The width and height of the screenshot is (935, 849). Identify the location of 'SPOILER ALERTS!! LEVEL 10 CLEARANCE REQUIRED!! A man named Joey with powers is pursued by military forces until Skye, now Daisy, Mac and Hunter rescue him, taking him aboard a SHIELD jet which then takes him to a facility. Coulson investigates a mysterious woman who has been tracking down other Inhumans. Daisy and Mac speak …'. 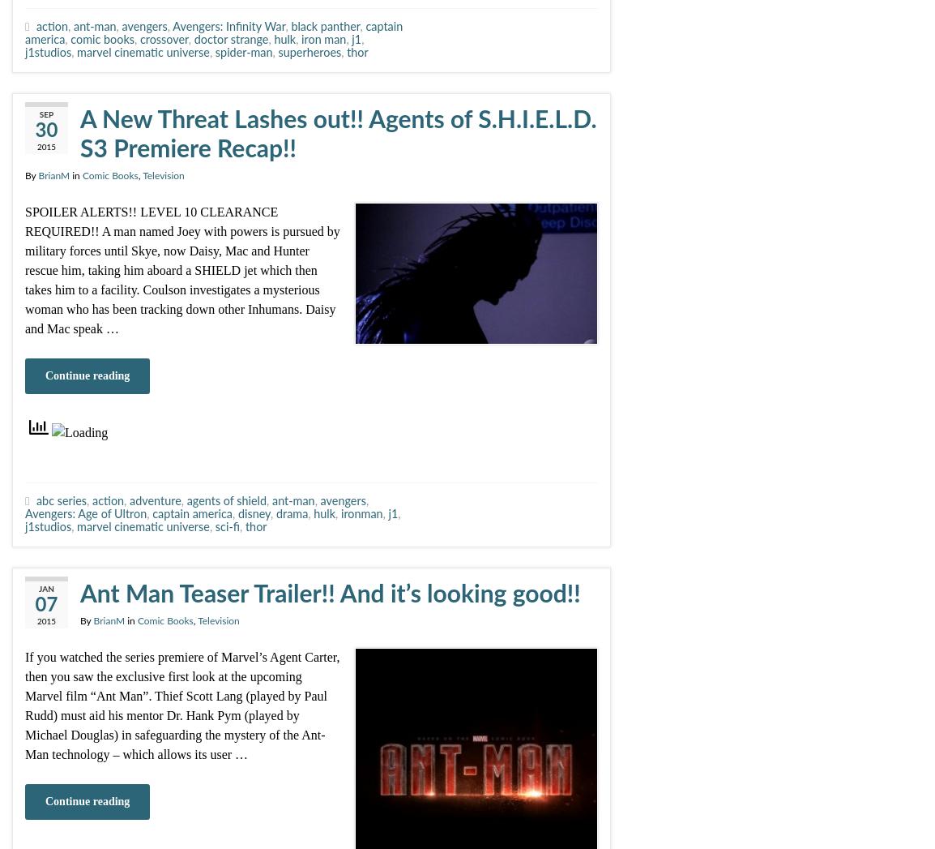
(181, 269).